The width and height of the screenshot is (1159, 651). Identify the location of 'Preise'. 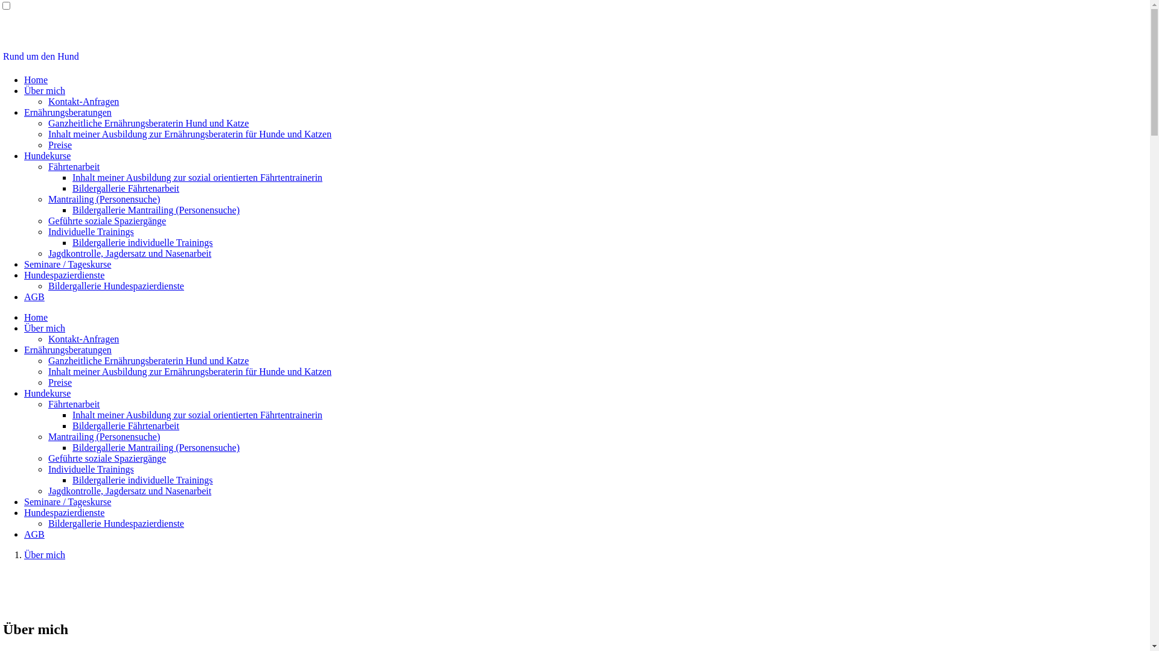
(48, 382).